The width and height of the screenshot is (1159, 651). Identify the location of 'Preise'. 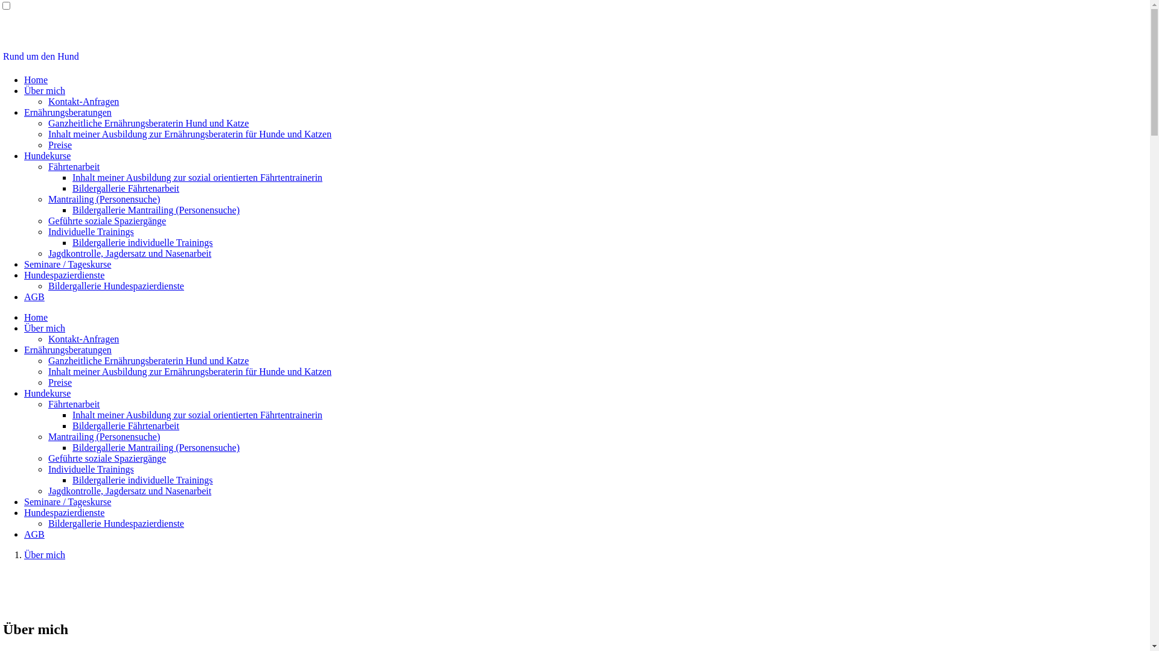
(48, 382).